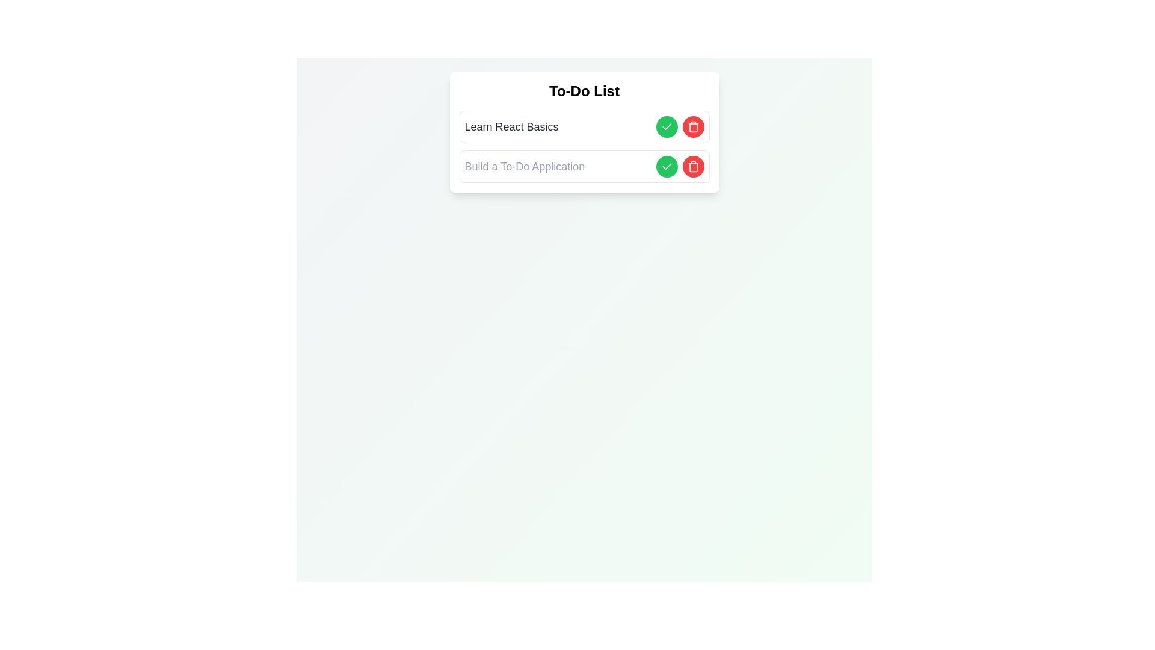 This screenshot has width=1155, height=650. Describe the element at coordinates (693, 167) in the screenshot. I see `the Trash bin icon button that has a red background and a white stroke trash icon` at that location.